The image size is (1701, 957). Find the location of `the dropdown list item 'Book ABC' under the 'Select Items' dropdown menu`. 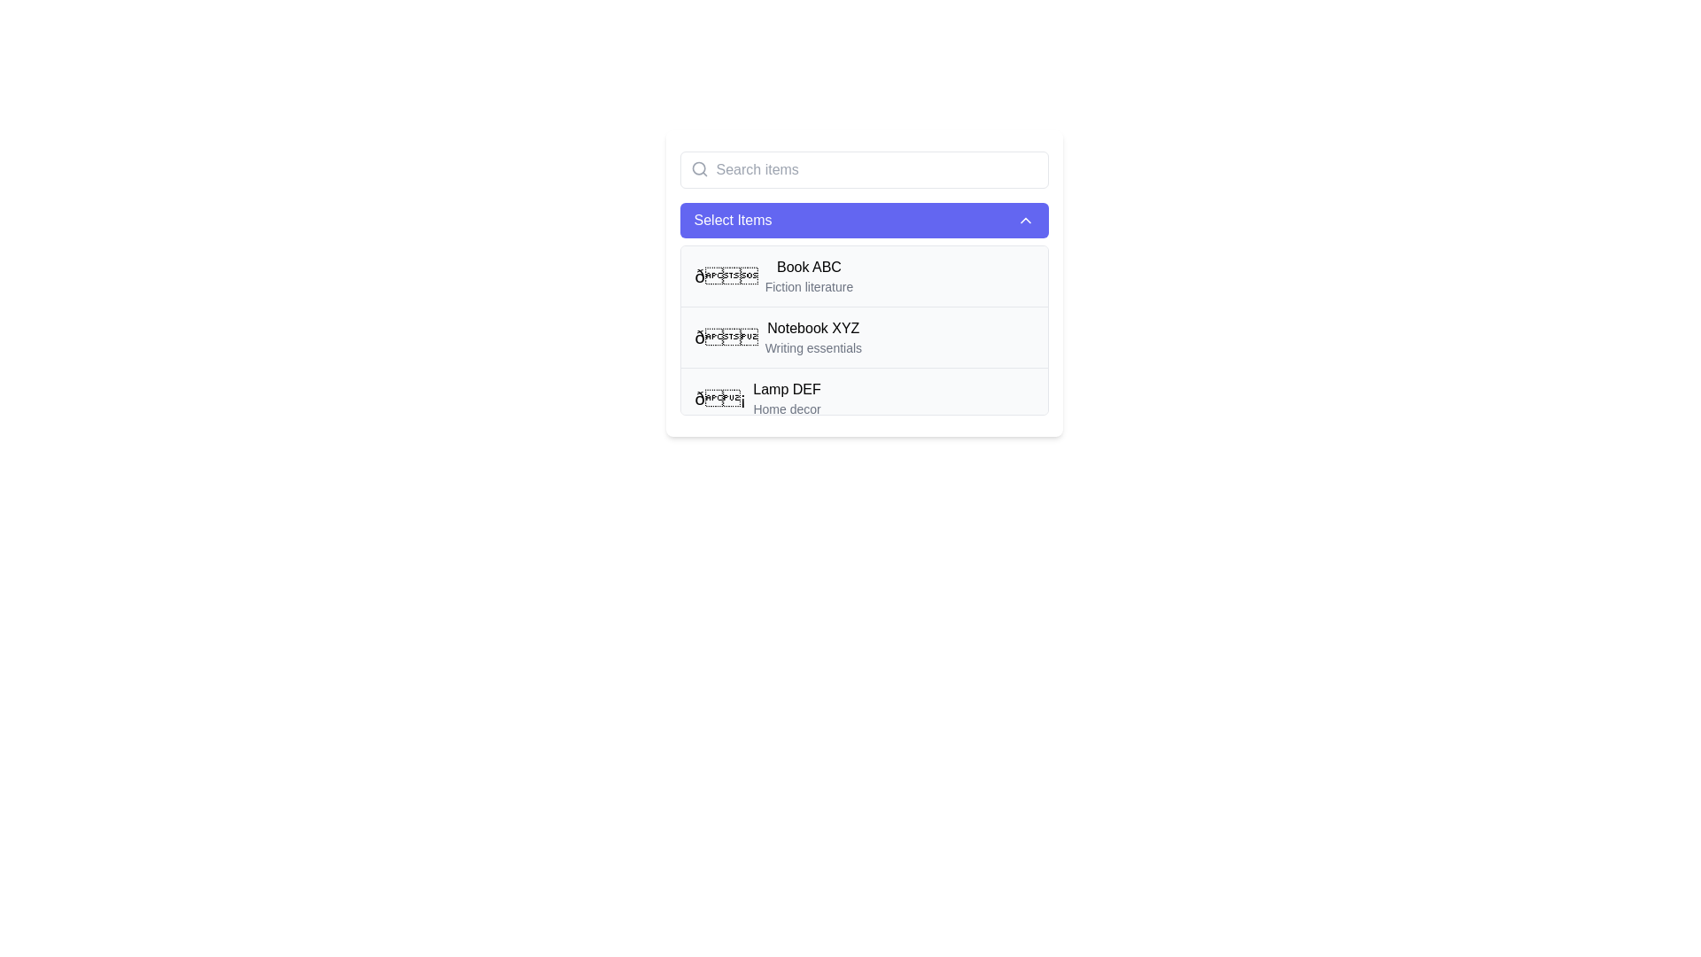

the dropdown list item 'Book ABC' under the 'Select Items' dropdown menu is located at coordinates (808, 276).